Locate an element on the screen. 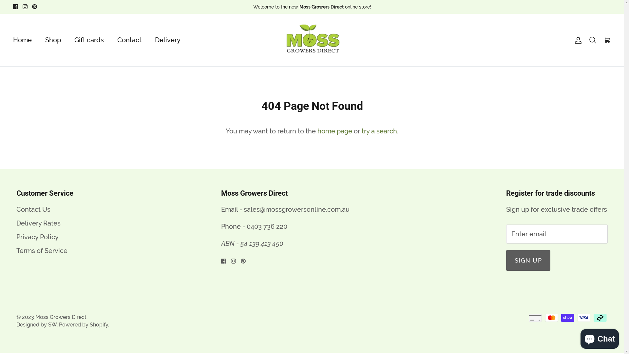 The image size is (629, 354). '0403 736 220' is located at coordinates (267, 226).